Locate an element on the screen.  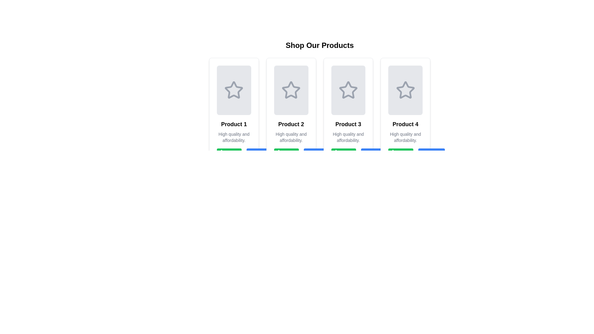
the heart-shaped icon located in the third product card is located at coordinates (342, 153).